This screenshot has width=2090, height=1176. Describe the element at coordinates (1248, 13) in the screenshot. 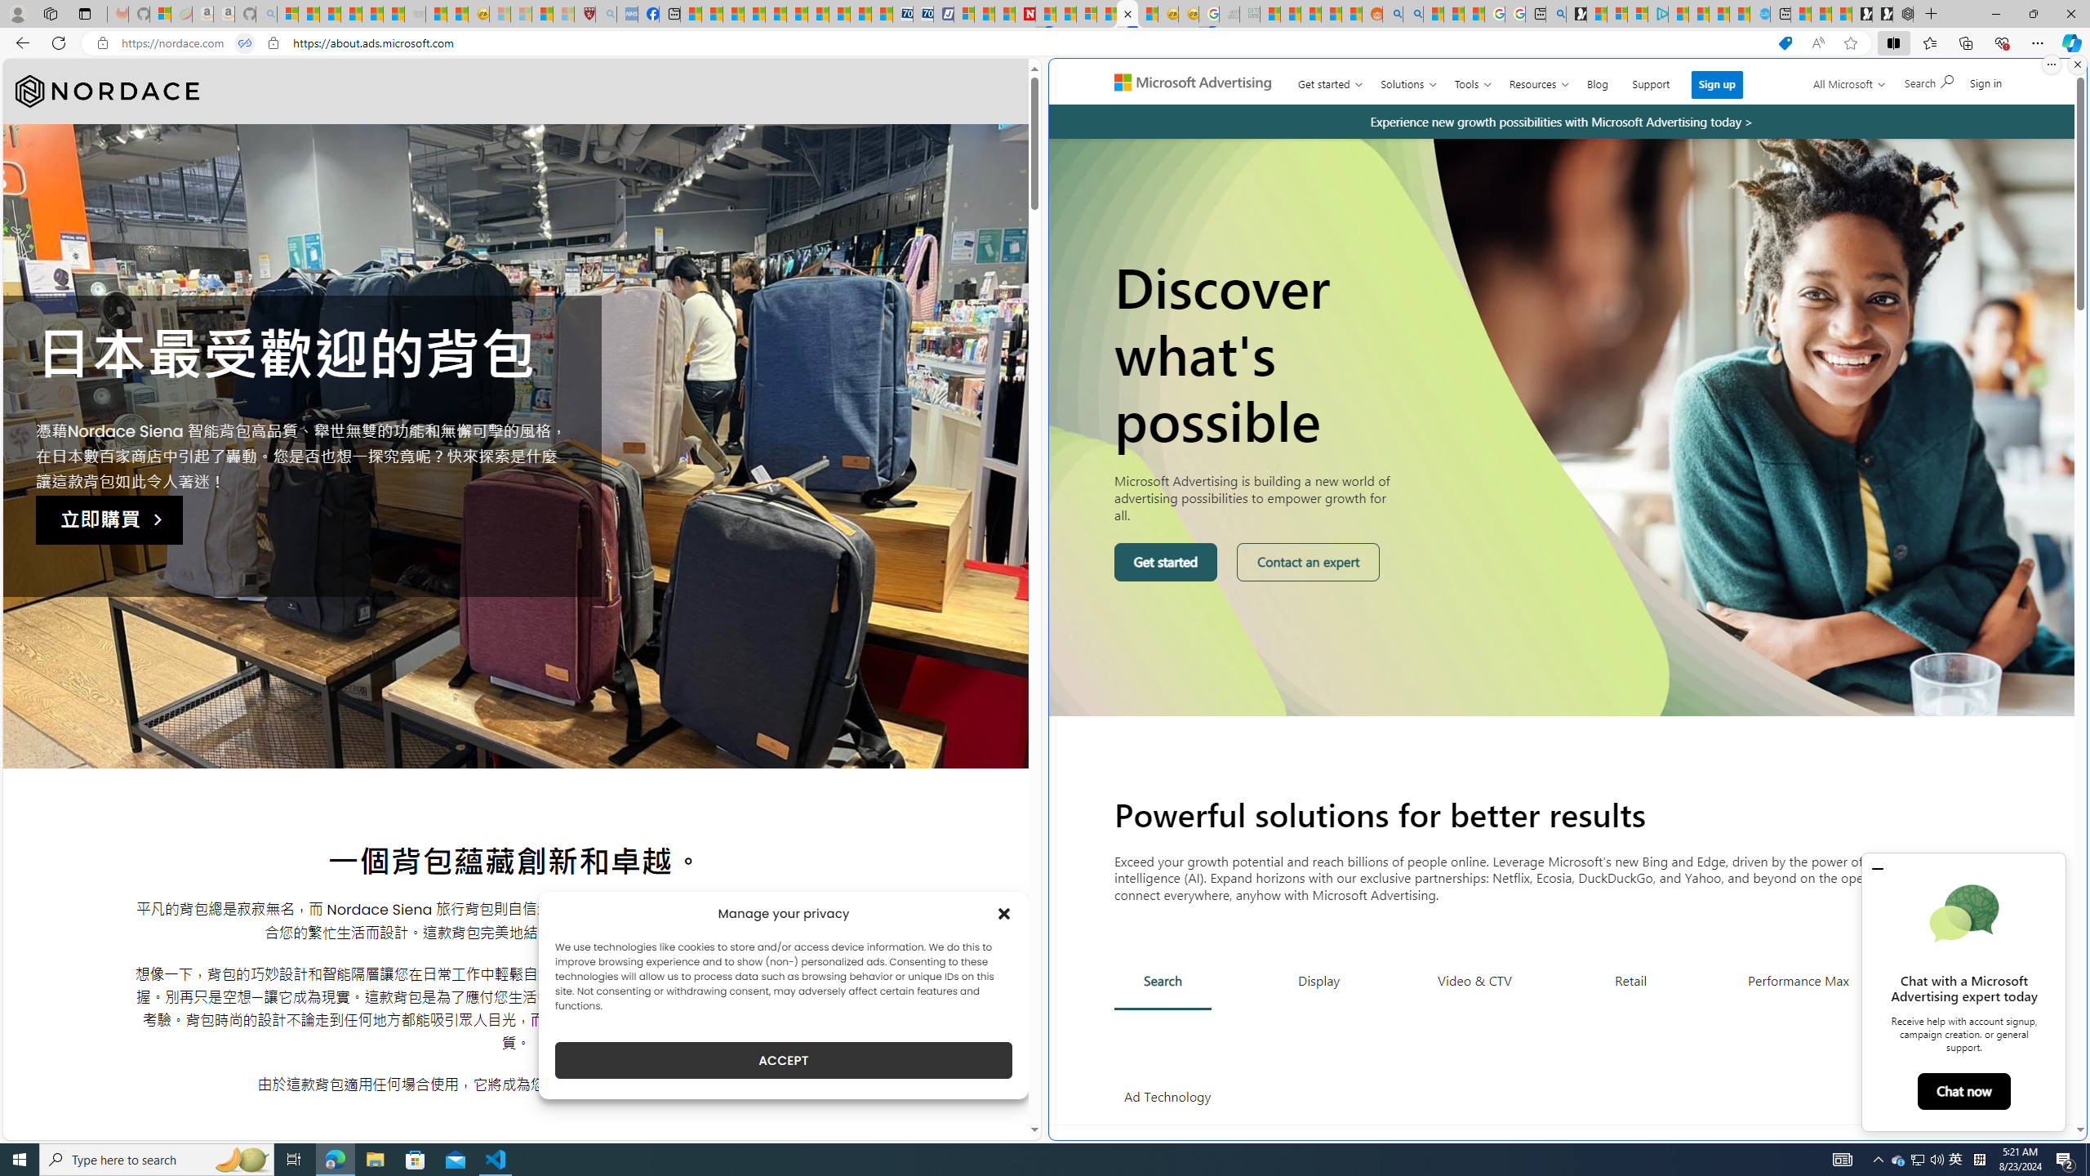

I see `'DITOGAMES AG Imprint - Sleeping'` at that location.